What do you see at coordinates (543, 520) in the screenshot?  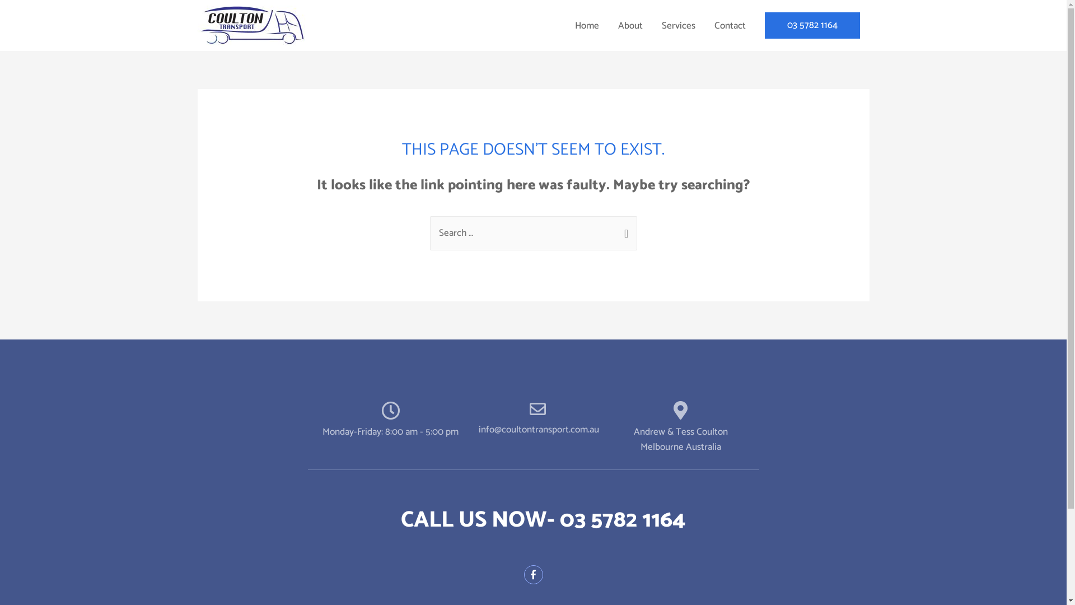 I see `'CALL US NOW- 03 5782 1164'` at bounding box center [543, 520].